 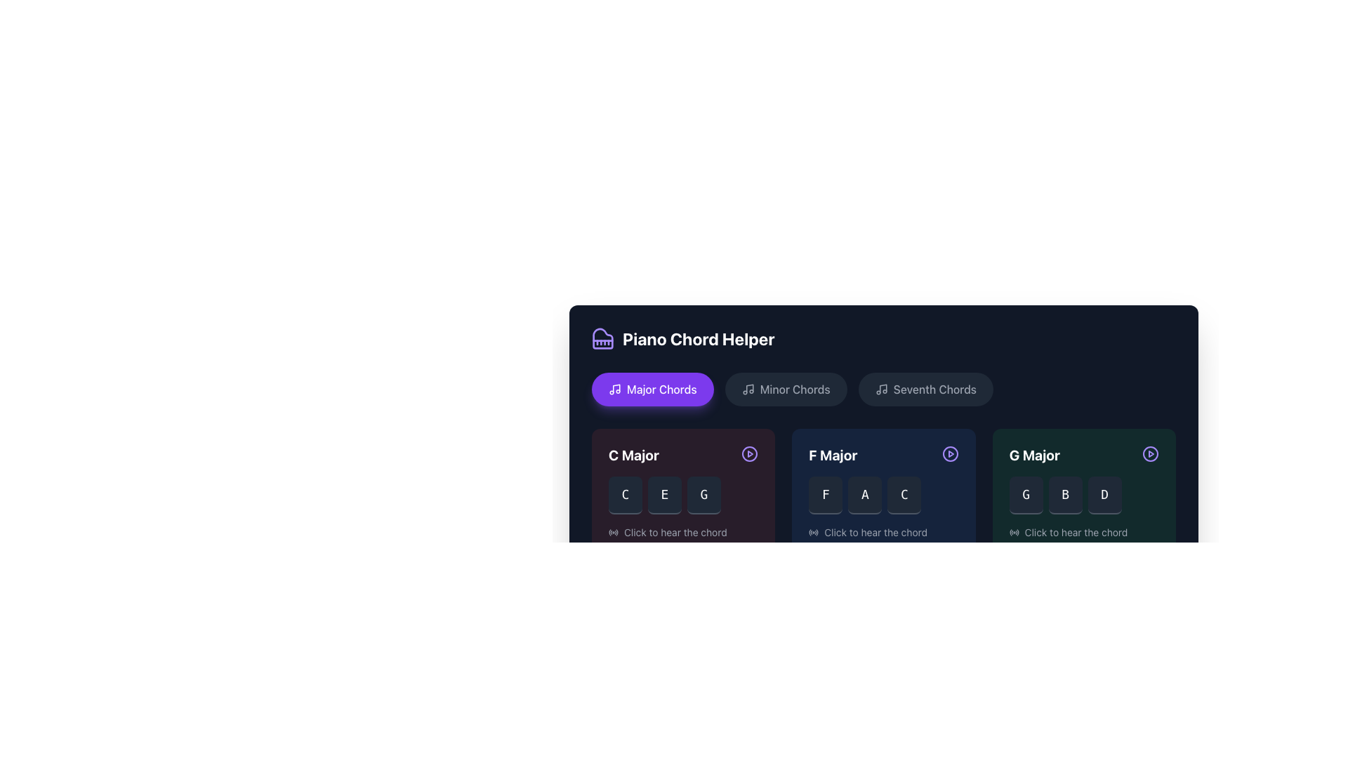 I want to click on the 'Major Chords' button, which is a horizontally aligned oval button with a purple background and white text, located under the 'Piano Chord Helper' title, so click(x=652, y=390).